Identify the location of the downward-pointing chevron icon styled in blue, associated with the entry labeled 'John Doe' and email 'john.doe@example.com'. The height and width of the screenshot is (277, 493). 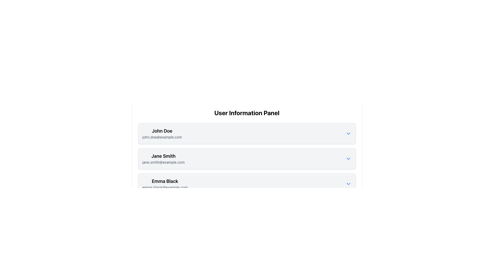
(348, 133).